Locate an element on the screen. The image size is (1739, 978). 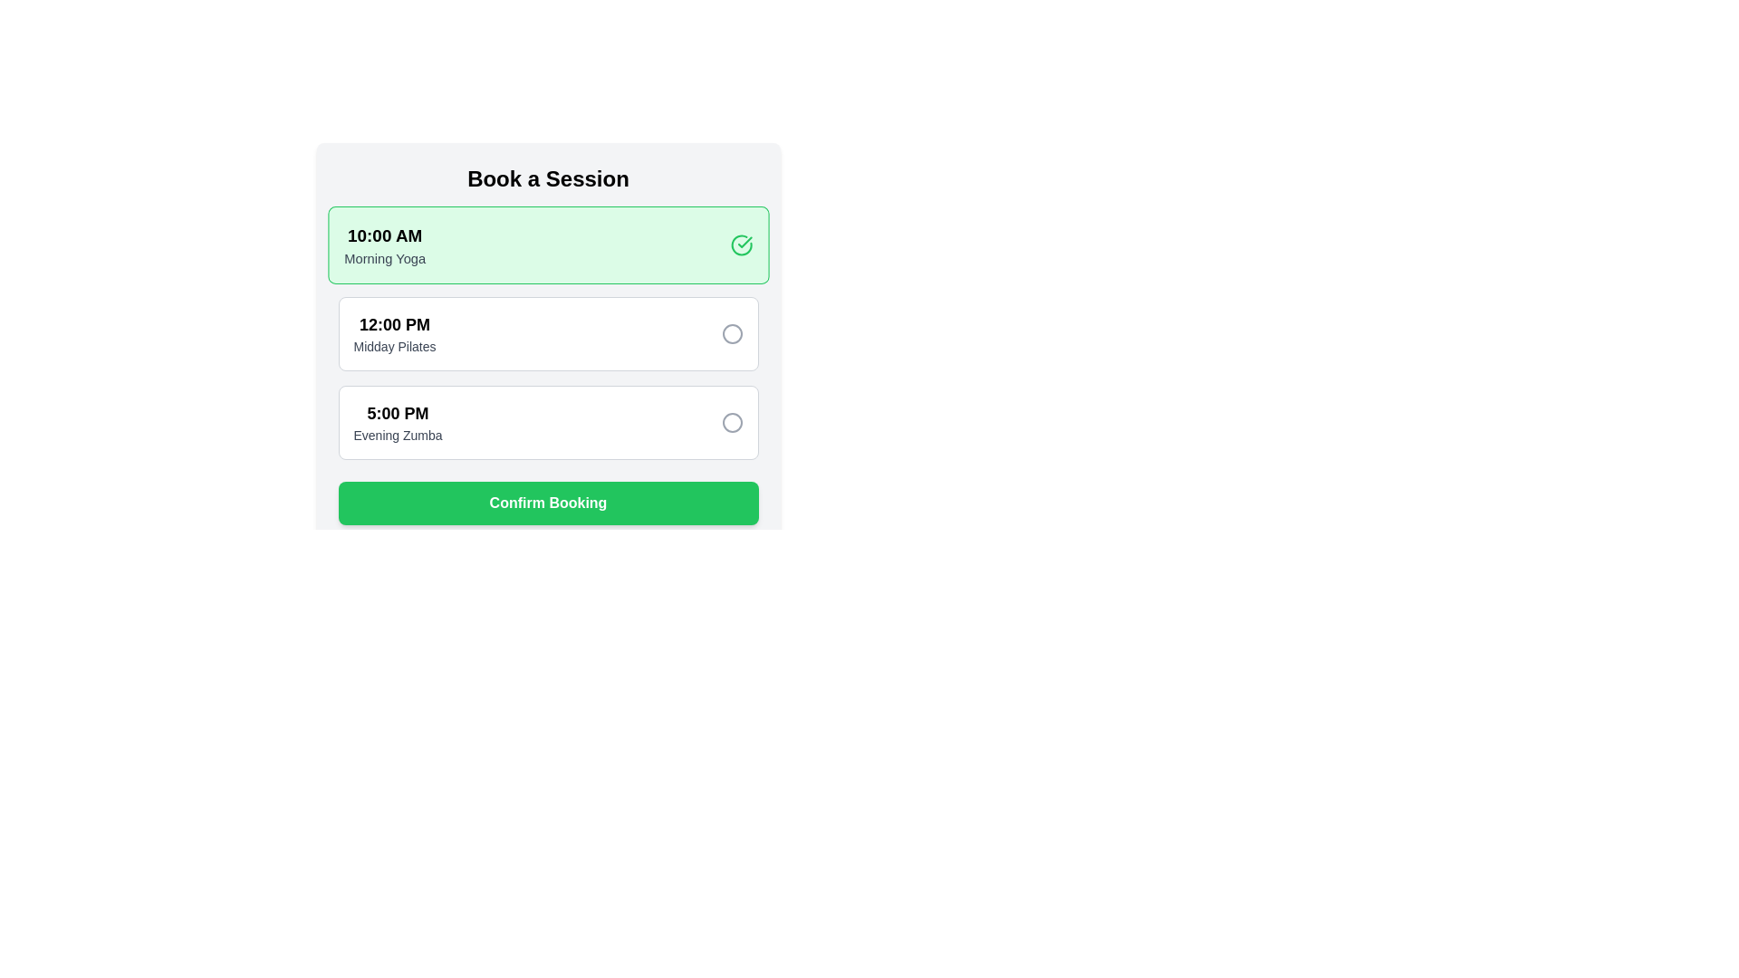
the selectable session card for the yoga activity at 10:00 AM to confirm interest in attending this session is located at coordinates (383, 244).